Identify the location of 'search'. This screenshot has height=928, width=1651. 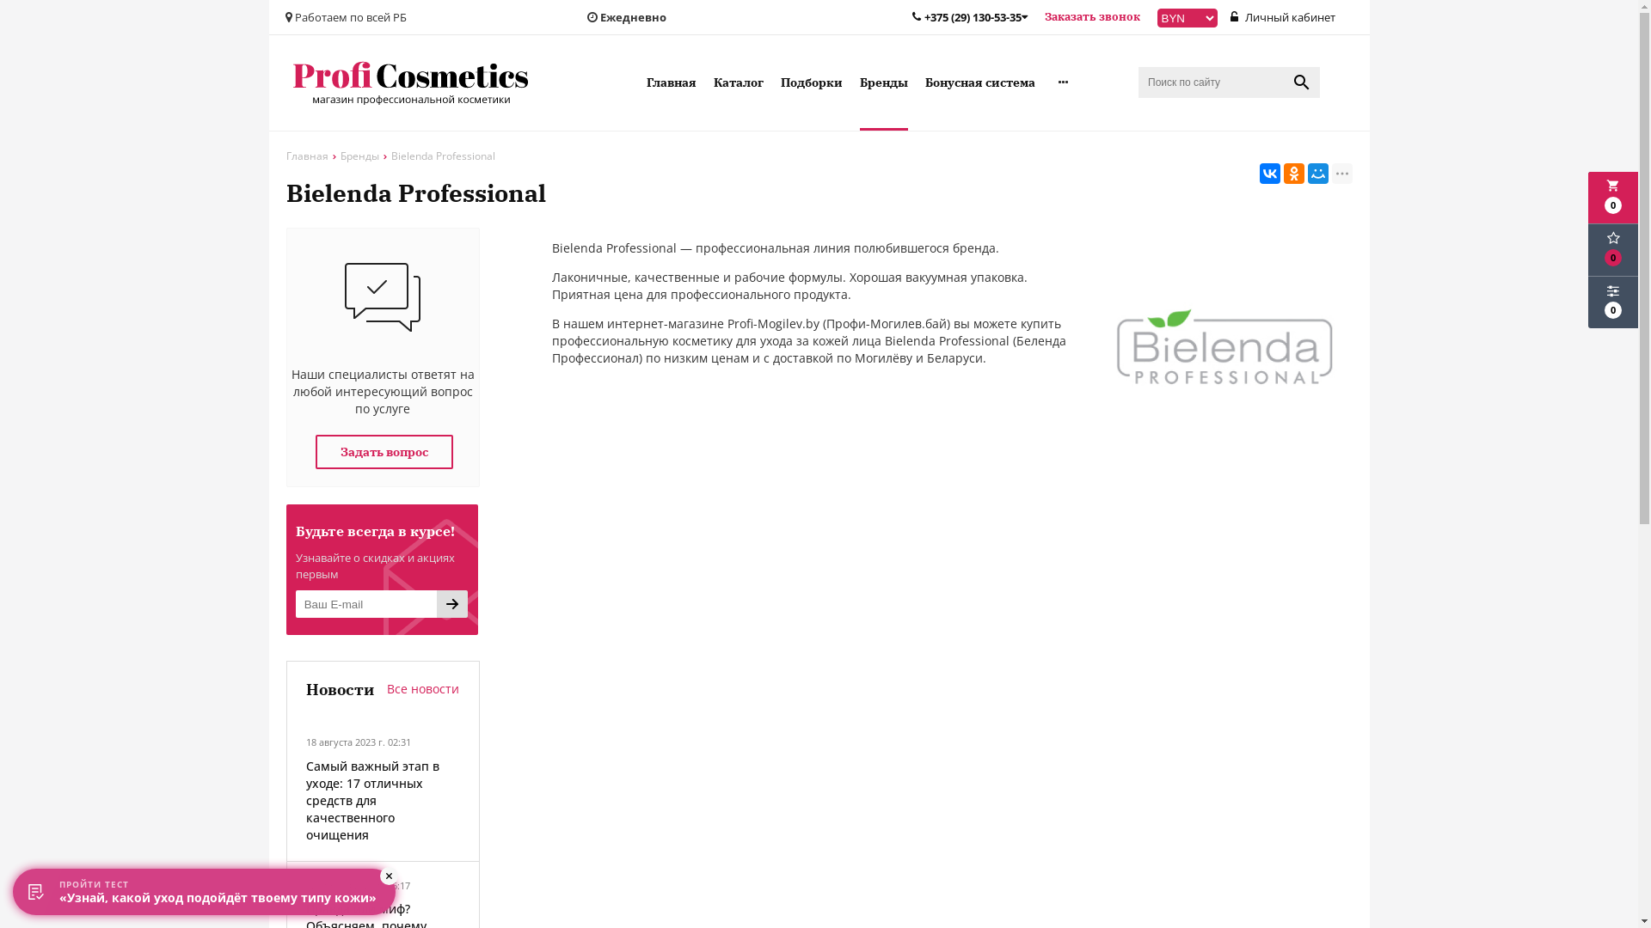
(1301, 82).